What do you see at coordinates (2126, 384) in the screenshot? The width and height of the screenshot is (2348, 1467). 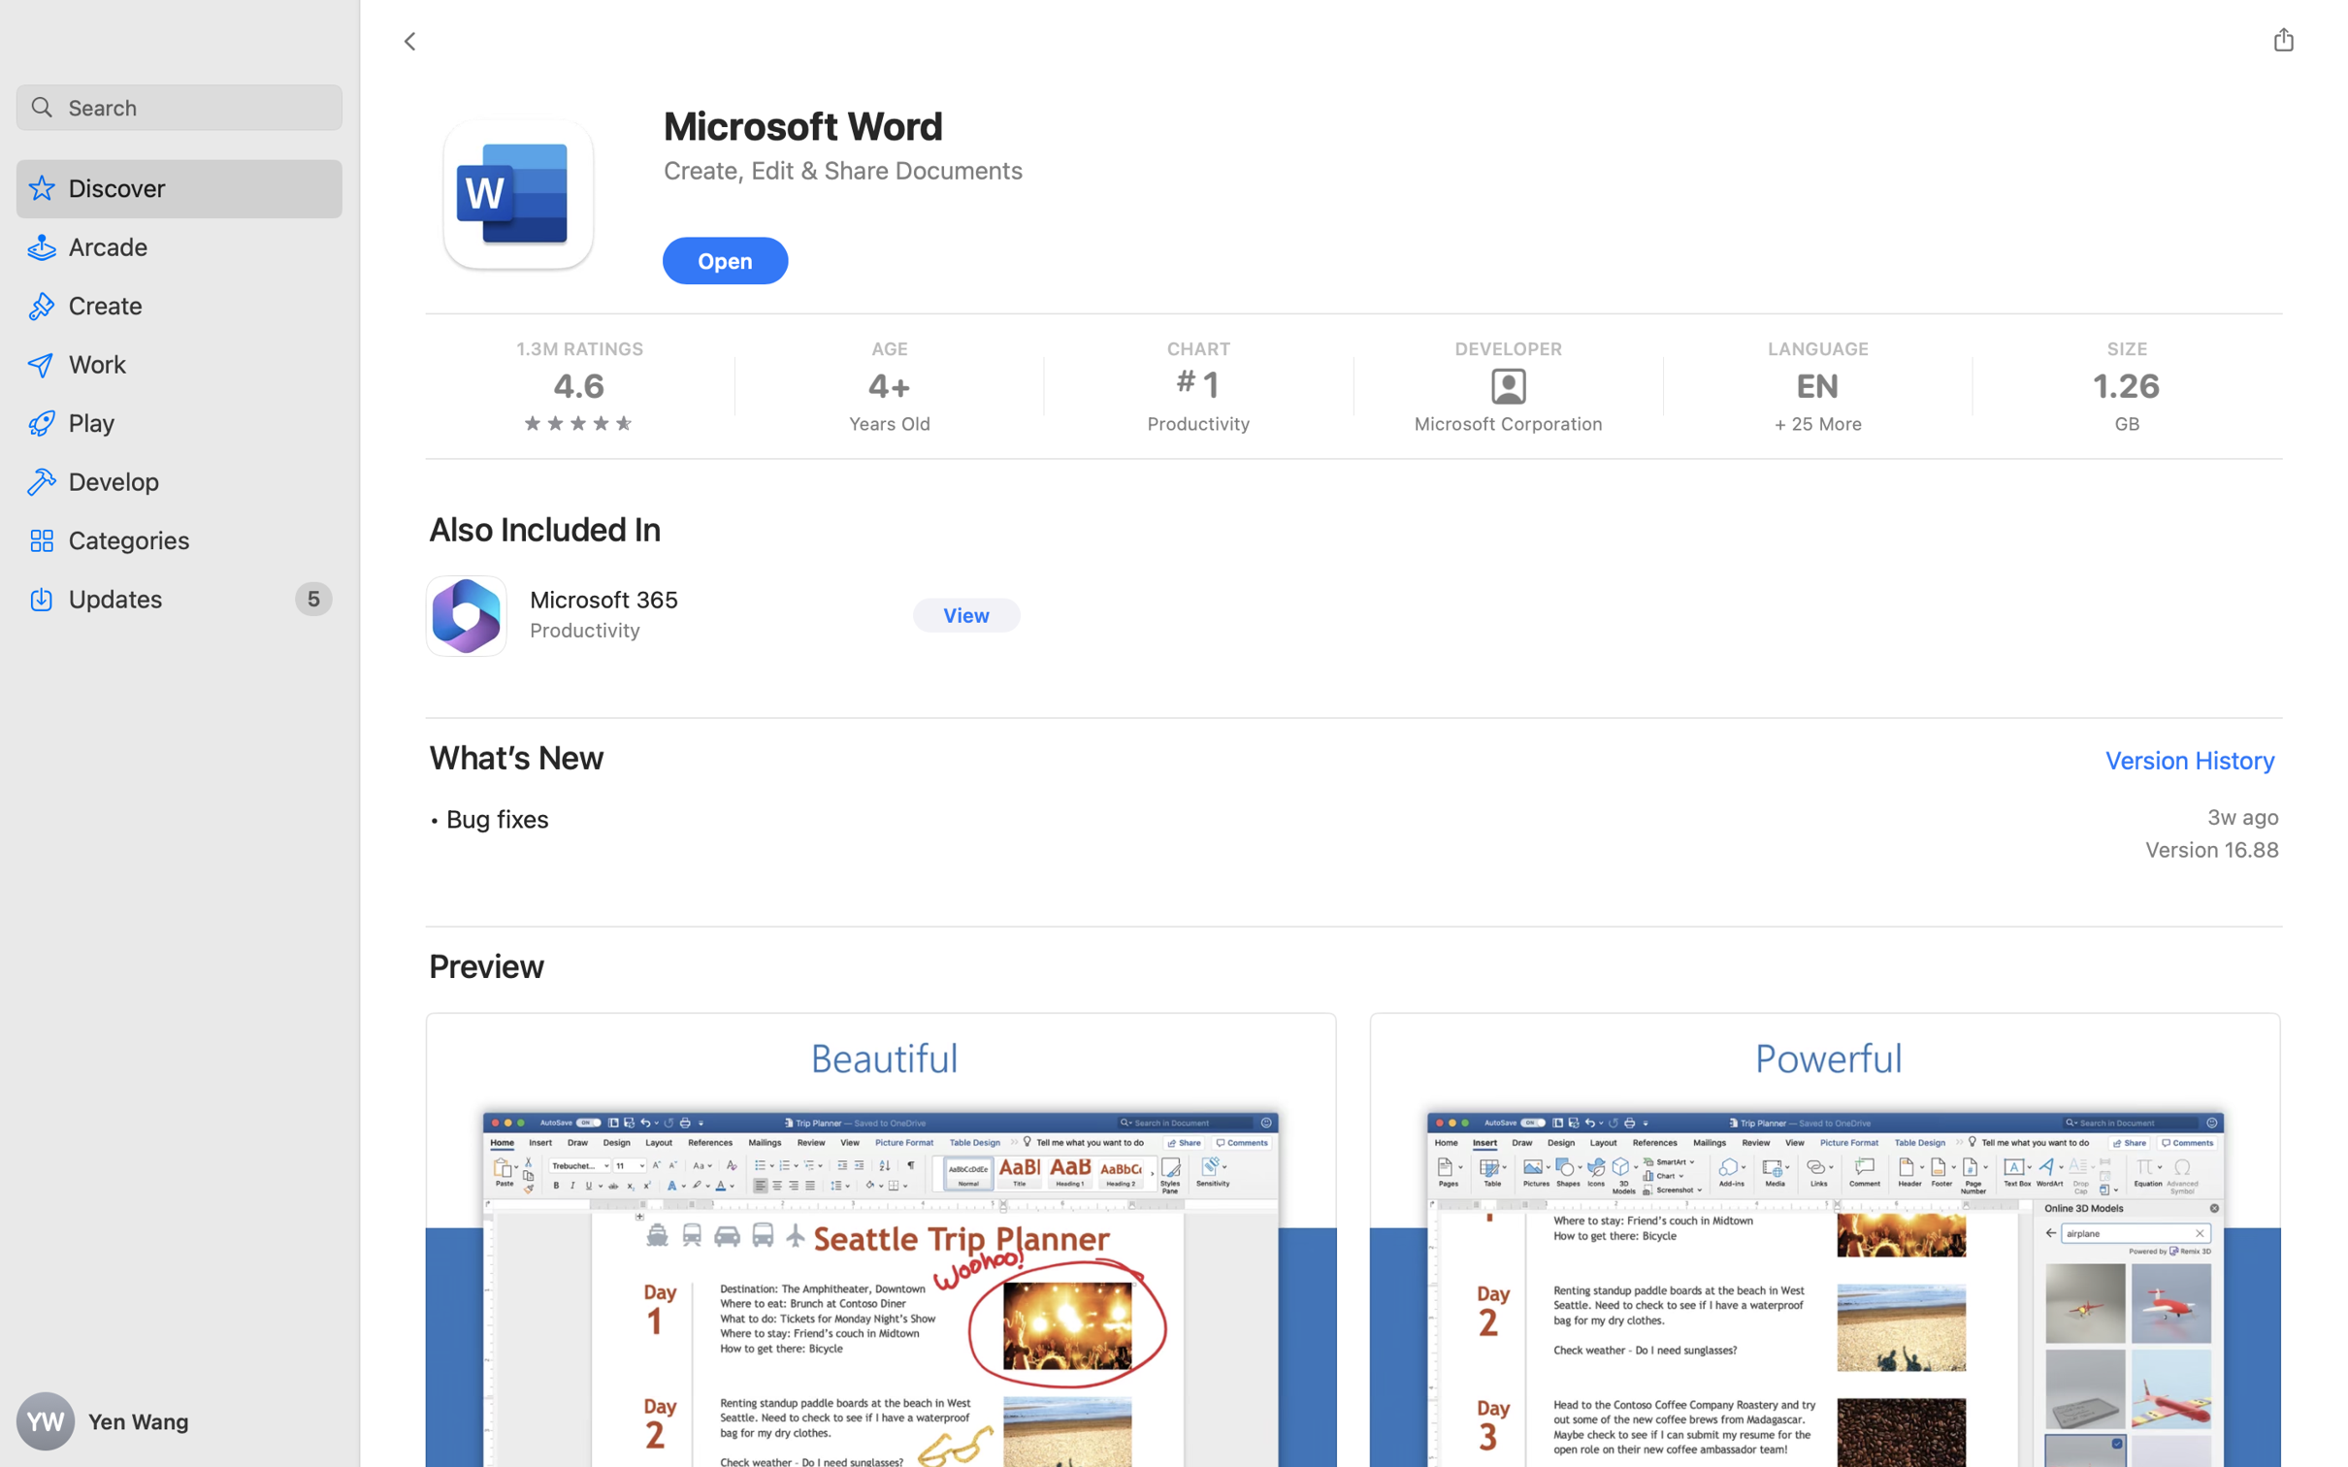 I see `'1.26'` at bounding box center [2126, 384].